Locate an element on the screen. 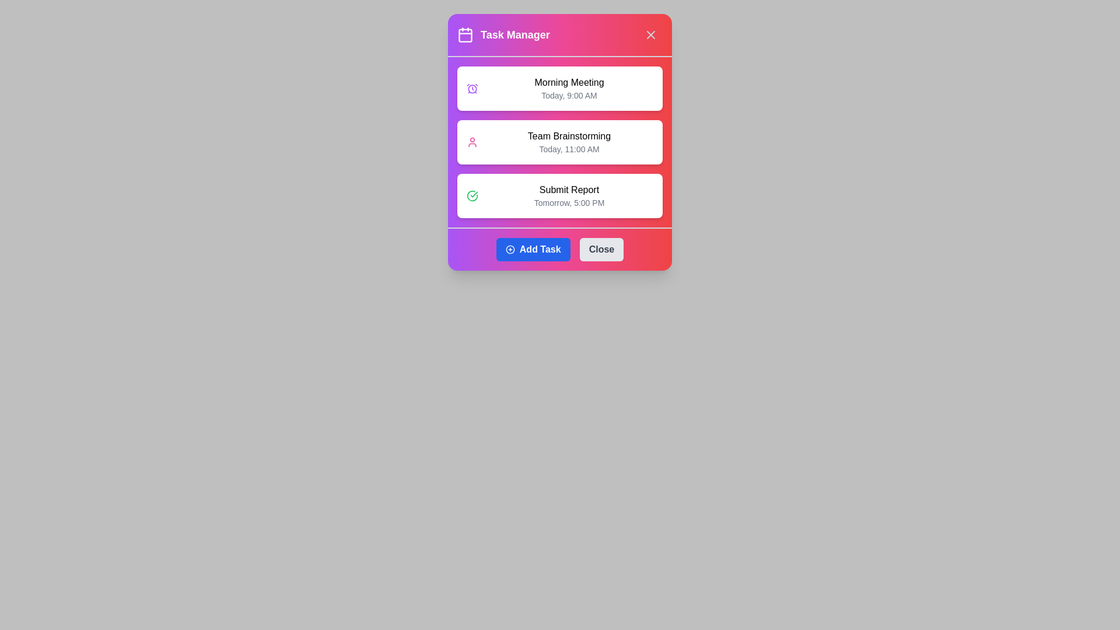  the circular green icon located at the bottom of the task list section, adjacent to the 'Submit Report' task label to interact with it is located at coordinates (473, 195).